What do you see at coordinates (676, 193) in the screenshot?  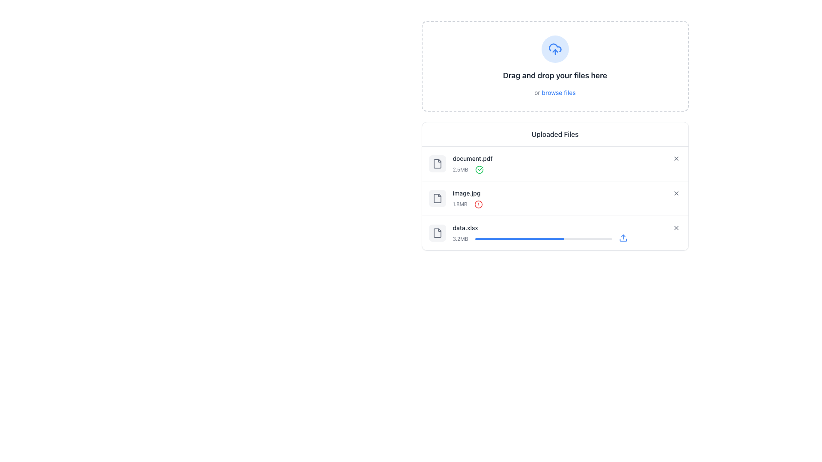 I see `the circular button with a minimalist 'X' icon, styled in gray, located adjacent to the file name 'image.jpg' in the file upload section to activate the hover effect` at bounding box center [676, 193].